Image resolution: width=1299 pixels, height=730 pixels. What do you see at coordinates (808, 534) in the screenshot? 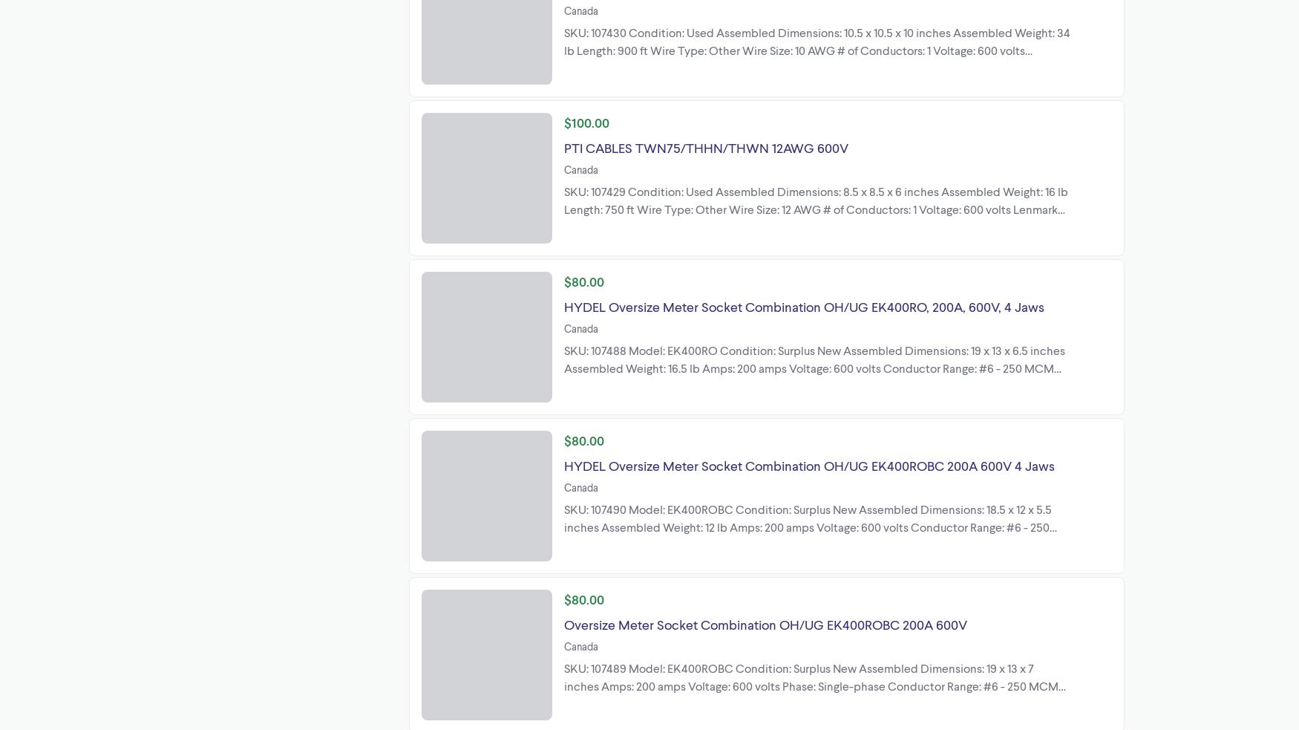
I see `'SKU: 107490 Model: EK400ROBC Condition: Surplus New Assembled Dimensions: 18.5 x 12 x 5.5 inches Assembled Weight: 12 lb Amps: 200 amps Voltage: 600 volts Conductor Range: #6 - 250 MCM Enclosure: NEMA 3R No. of Jaws: 4 Jaws Type: Combination Overhead/Underground Lenmark Industries Ltd 27576 51a Ave Langley, British'` at bounding box center [808, 534].